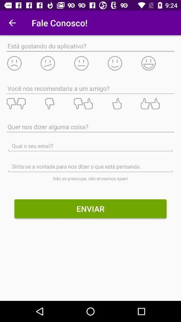 This screenshot has width=181, height=322. Describe the element at coordinates (90, 63) in the screenshot. I see `undecided` at that location.